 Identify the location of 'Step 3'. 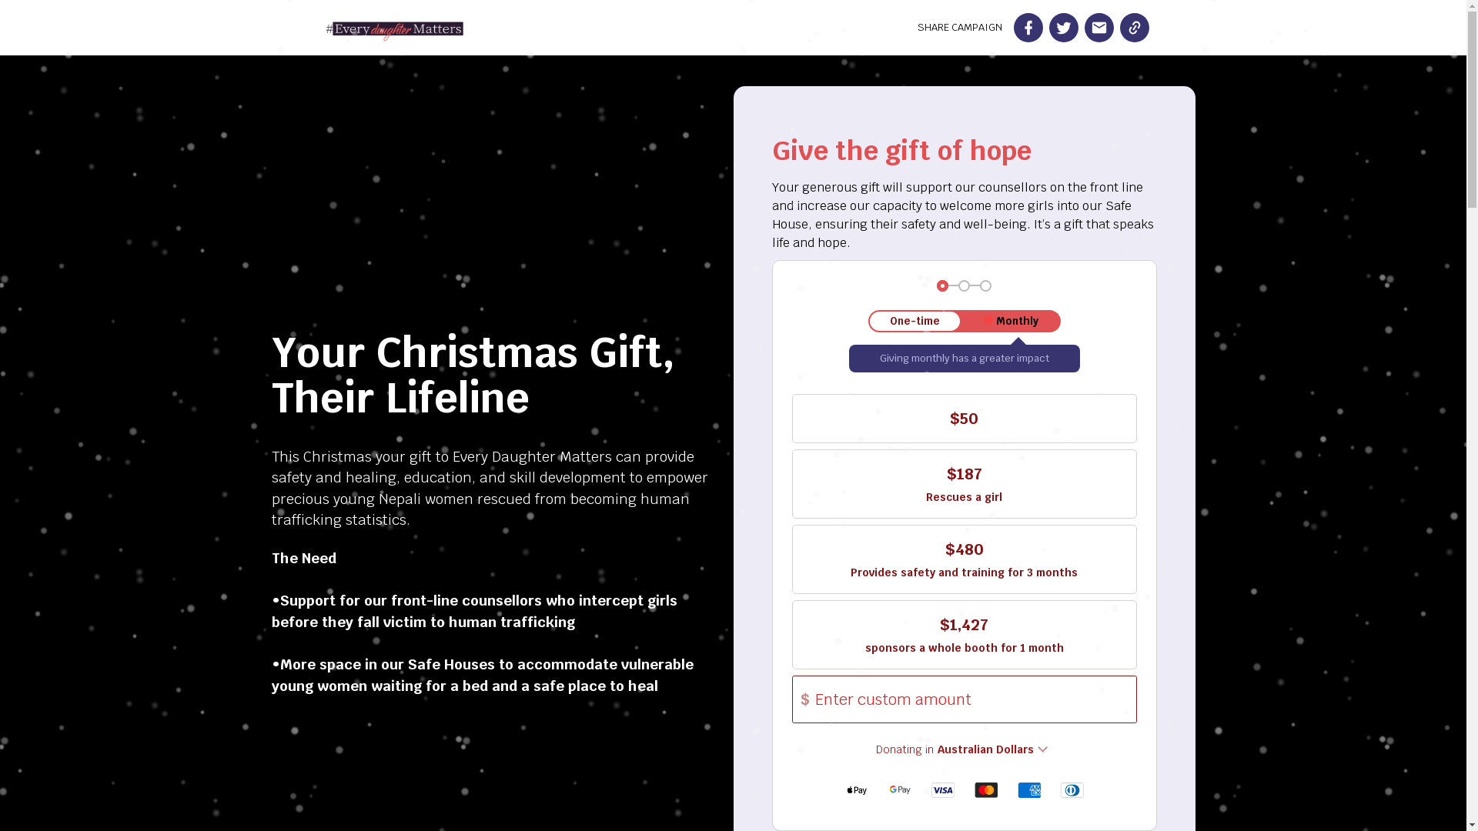
(985, 285).